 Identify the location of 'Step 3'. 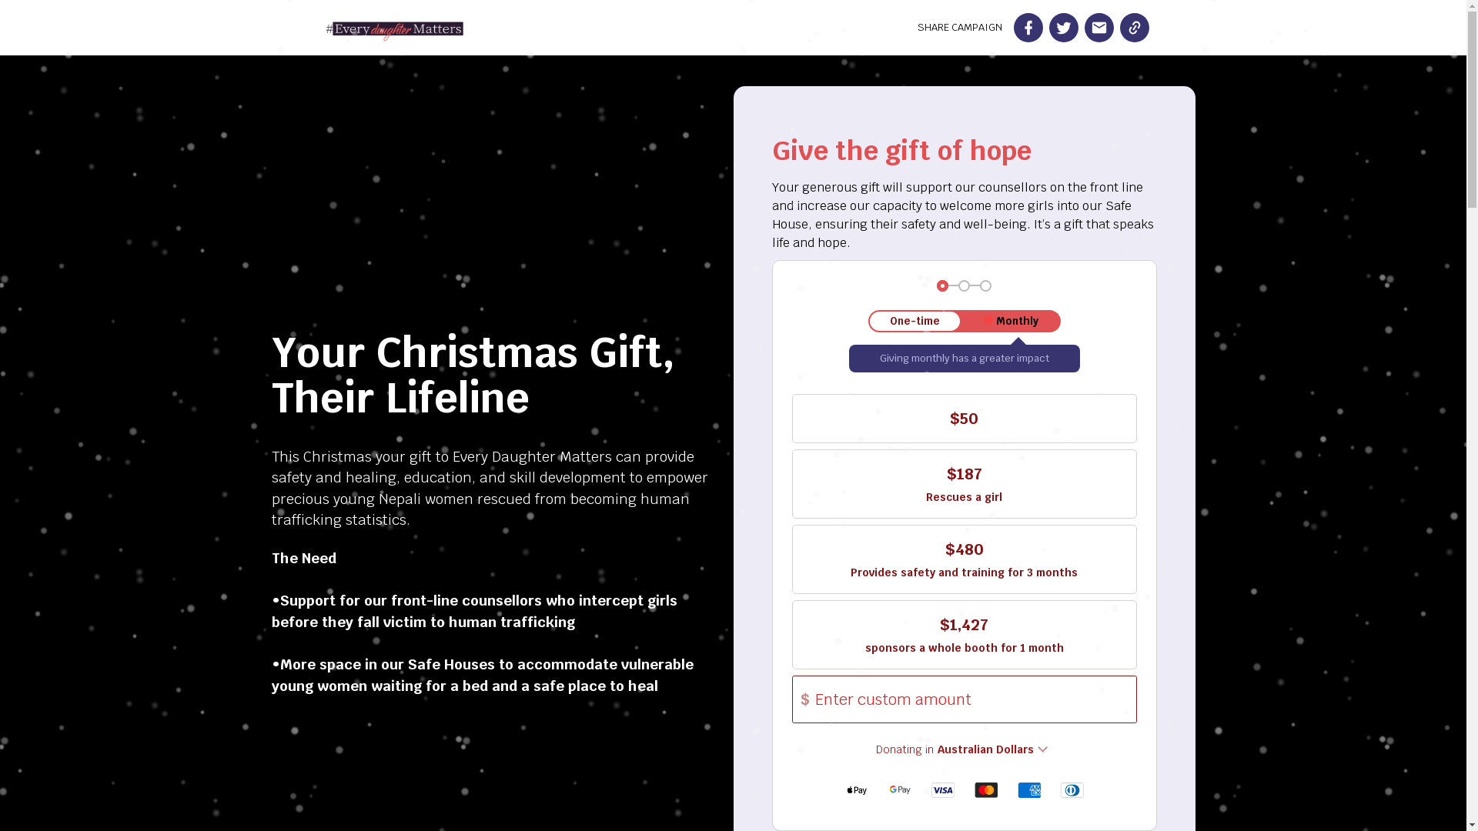
(985, 285).